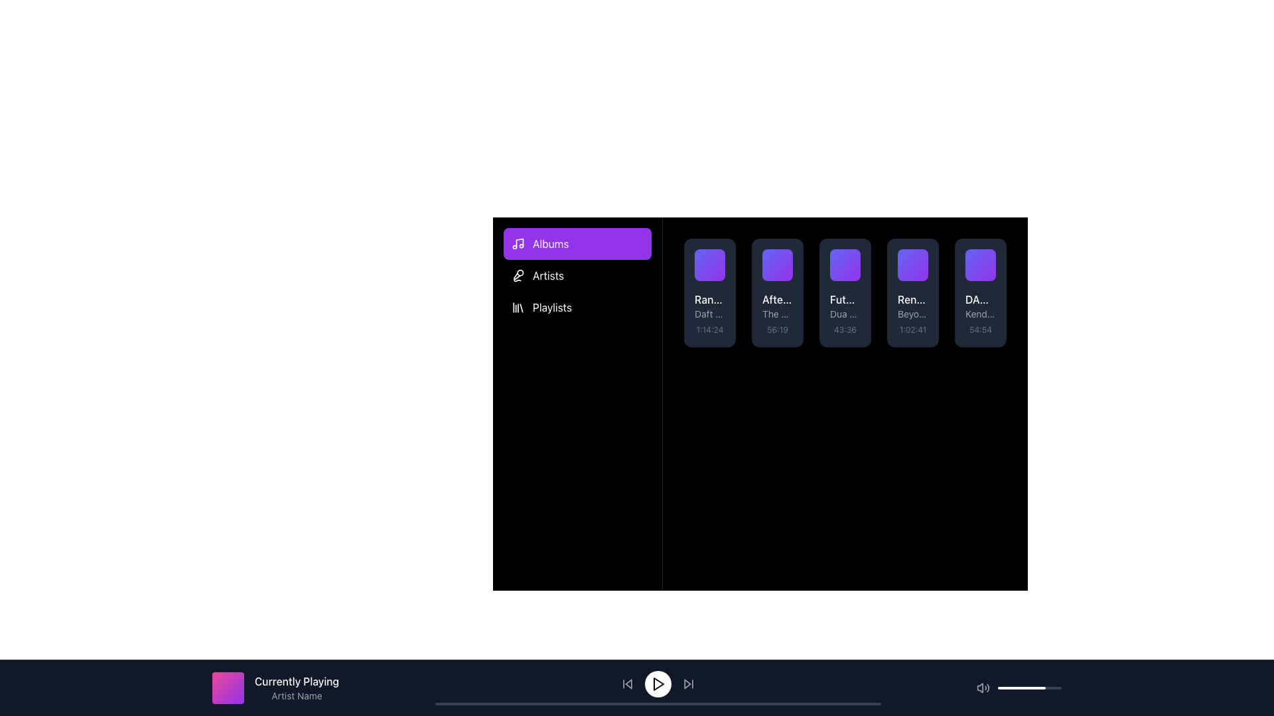  I want to click on the album card, so click(784, 257).